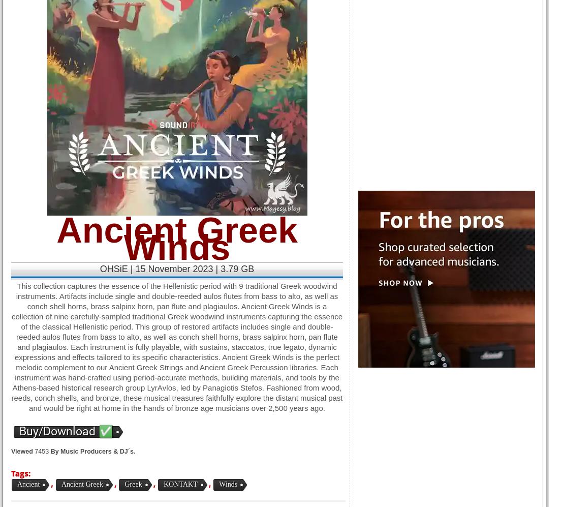 The height and width of the screenshot is (507, 562). What do you see at coordinates (21, 451) in the screenshot?
I see `'Viewed'` at bounding box center [21, 451].